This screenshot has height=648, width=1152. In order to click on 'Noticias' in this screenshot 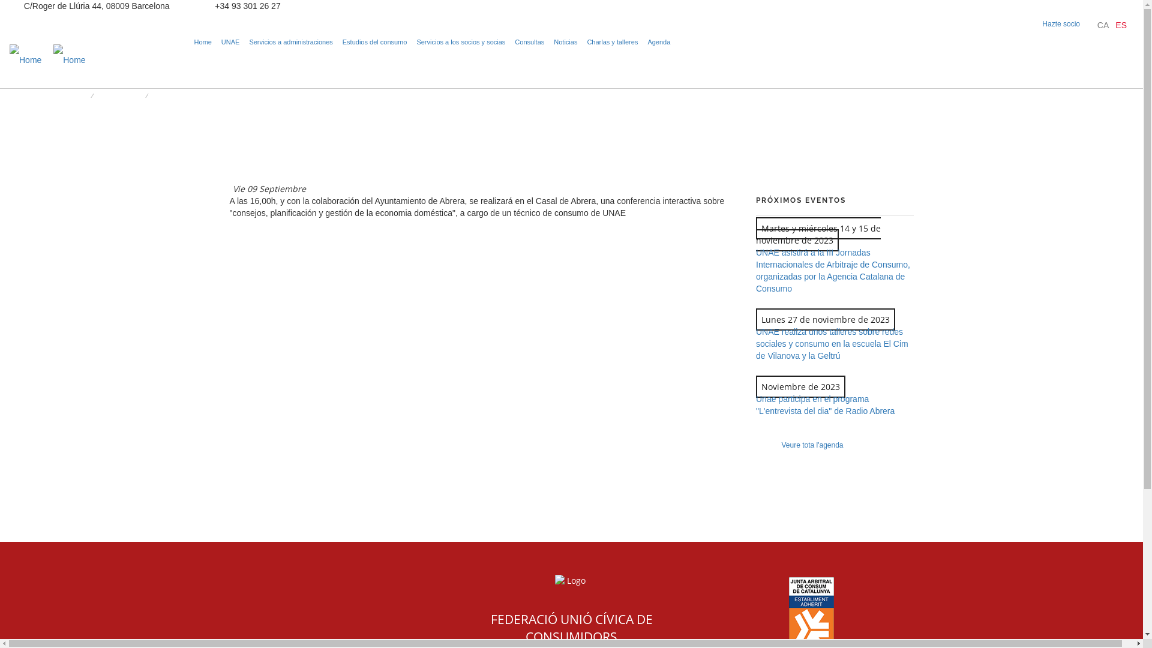, I will do `click(565, 41)`.